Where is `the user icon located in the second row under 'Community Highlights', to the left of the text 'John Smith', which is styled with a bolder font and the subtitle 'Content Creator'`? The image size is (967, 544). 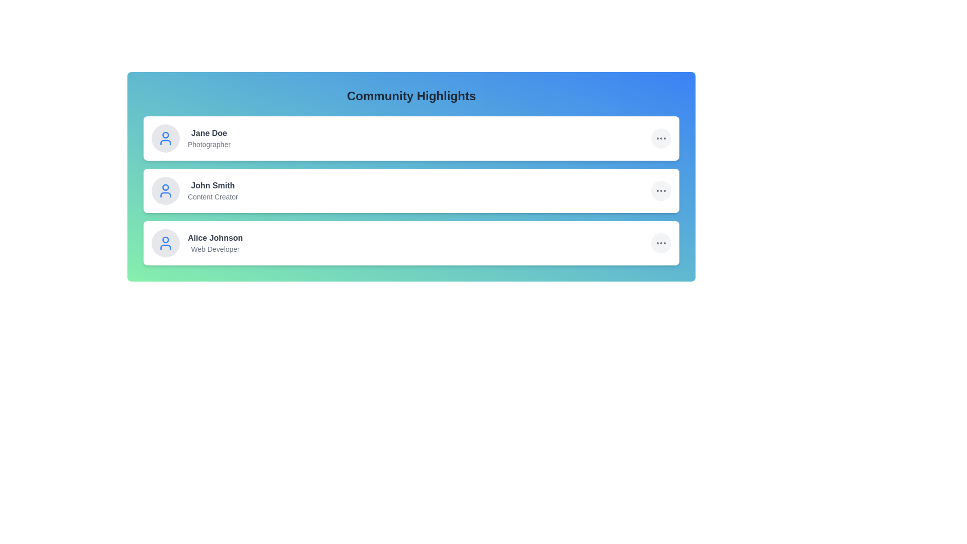 the user icon located in the second row under 'Community Highlights', to the left of the text 'John Smith', which is styled with a bolder font and the subtitle 'Content Creator' is located at coordinates (166, 190).